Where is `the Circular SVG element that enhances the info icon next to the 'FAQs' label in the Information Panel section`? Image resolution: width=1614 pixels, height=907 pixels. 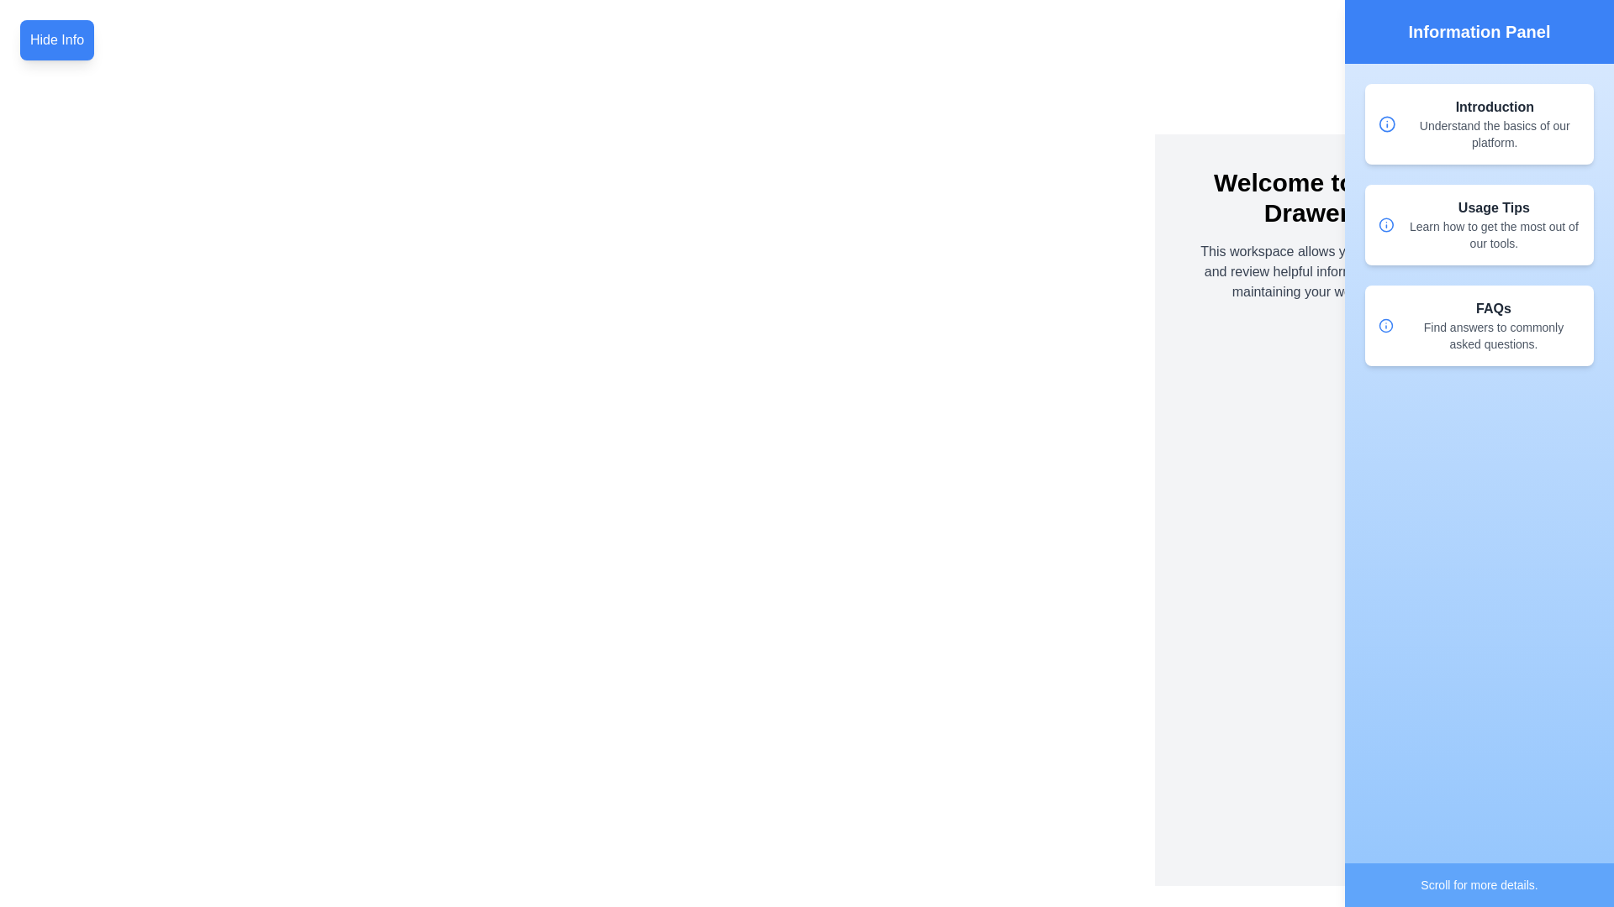
the Circular SVG element that enhances the info icon next to the 'FAQs' label in the Information Panel section is located at coordinates (1387, 123).